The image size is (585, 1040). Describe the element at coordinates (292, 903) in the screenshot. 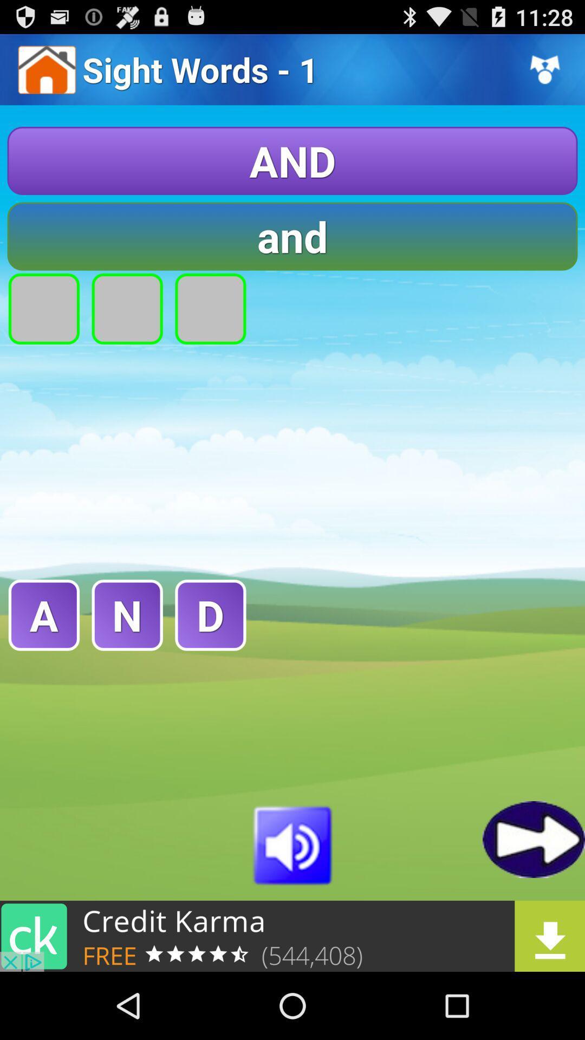

I see `the volume icon` at that location.